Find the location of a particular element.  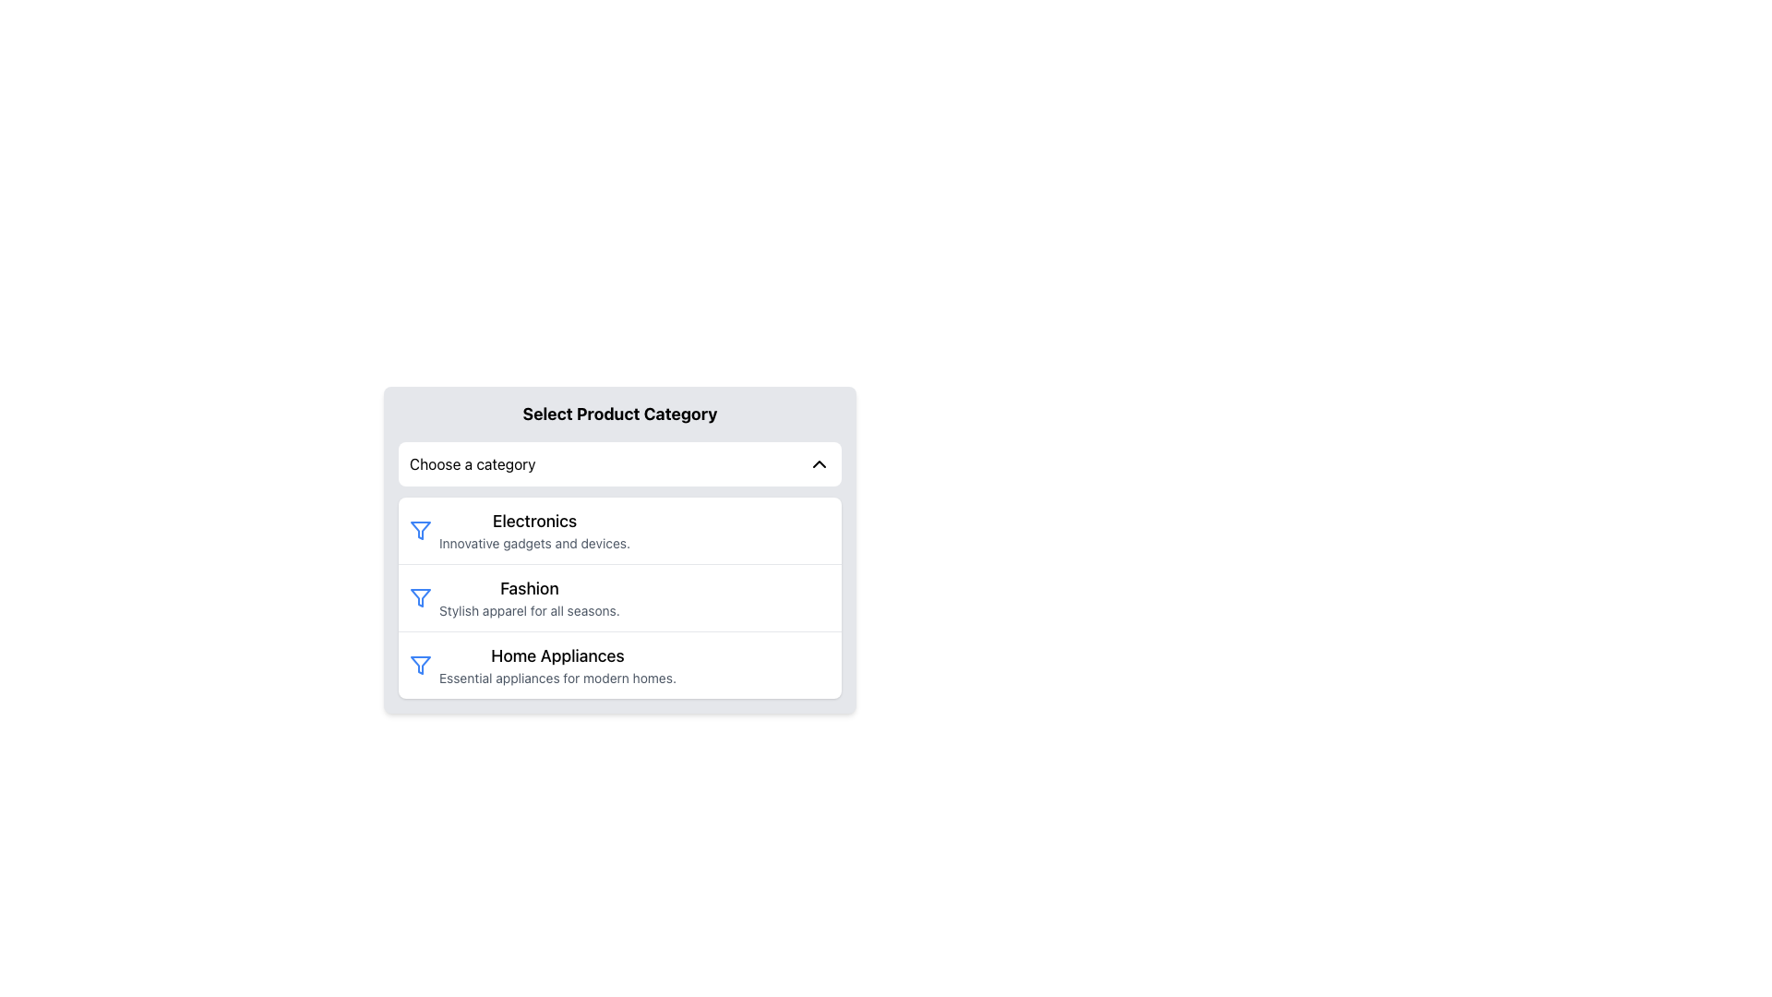

the 'Electronics' category selectable option, which is the first item in the vertical list under the 'Select Product Category' dropdown is located at coordinates (620, 530).